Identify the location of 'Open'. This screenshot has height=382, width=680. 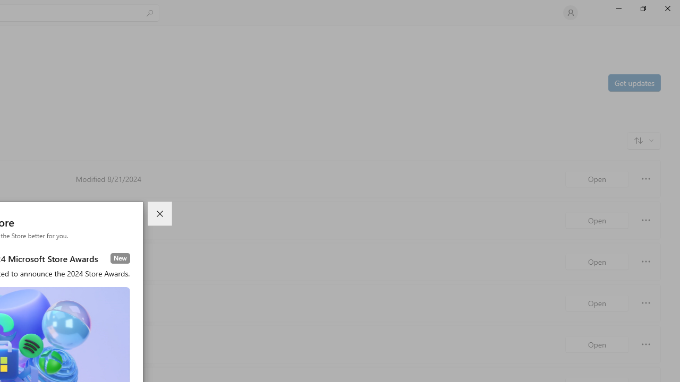
(597, 344).